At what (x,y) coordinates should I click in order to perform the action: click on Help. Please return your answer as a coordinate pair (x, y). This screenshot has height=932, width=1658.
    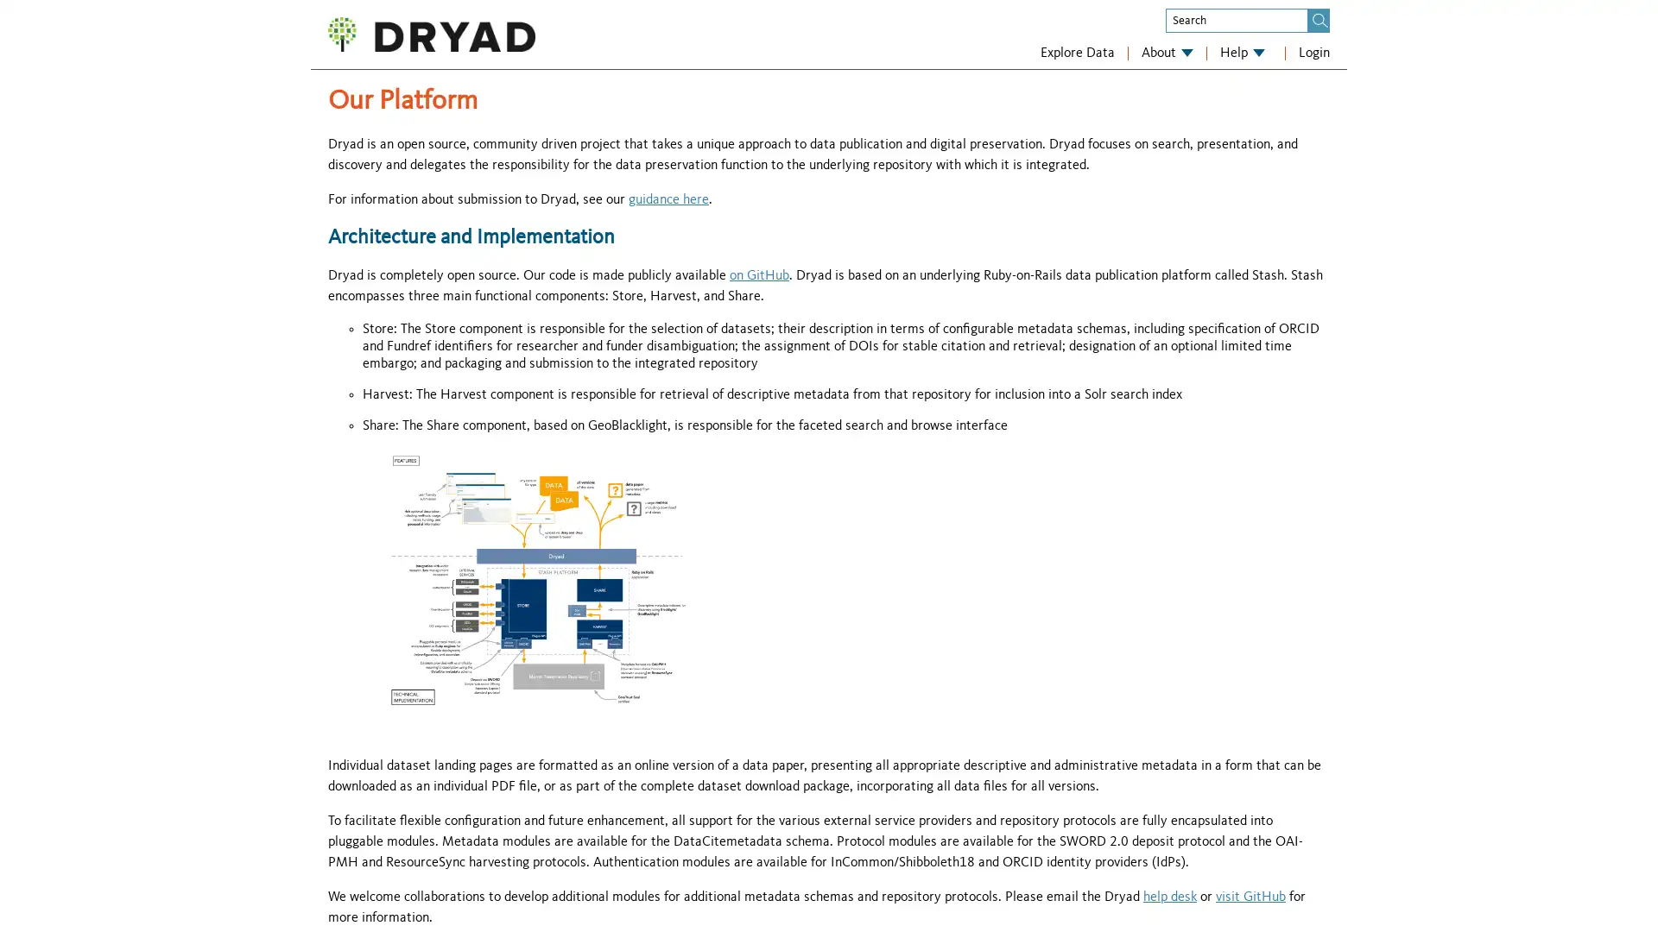
    Looking at the image, I should click on (1242, 52).